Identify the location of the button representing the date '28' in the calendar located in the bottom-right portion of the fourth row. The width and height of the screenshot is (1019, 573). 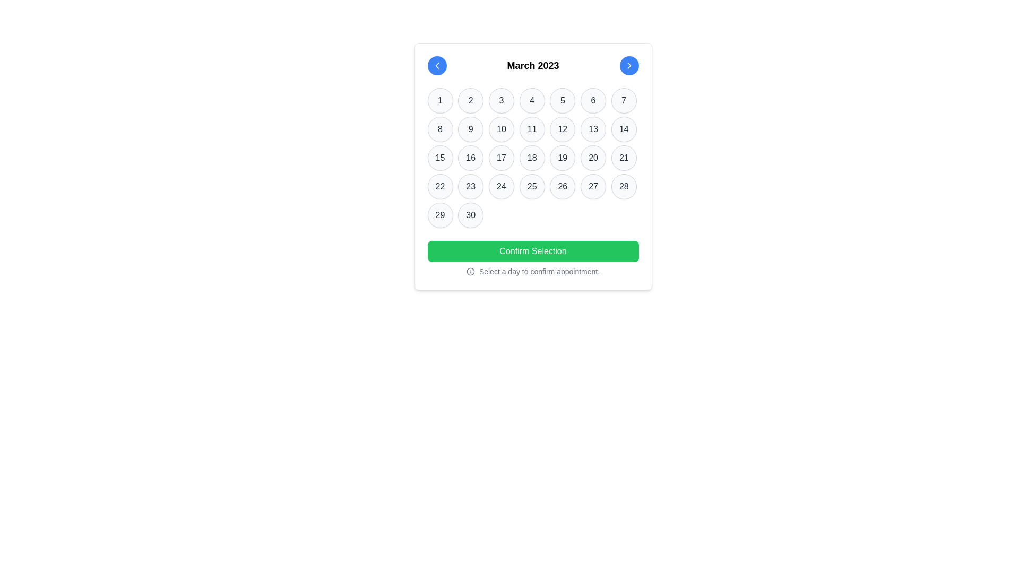
(624, 186).